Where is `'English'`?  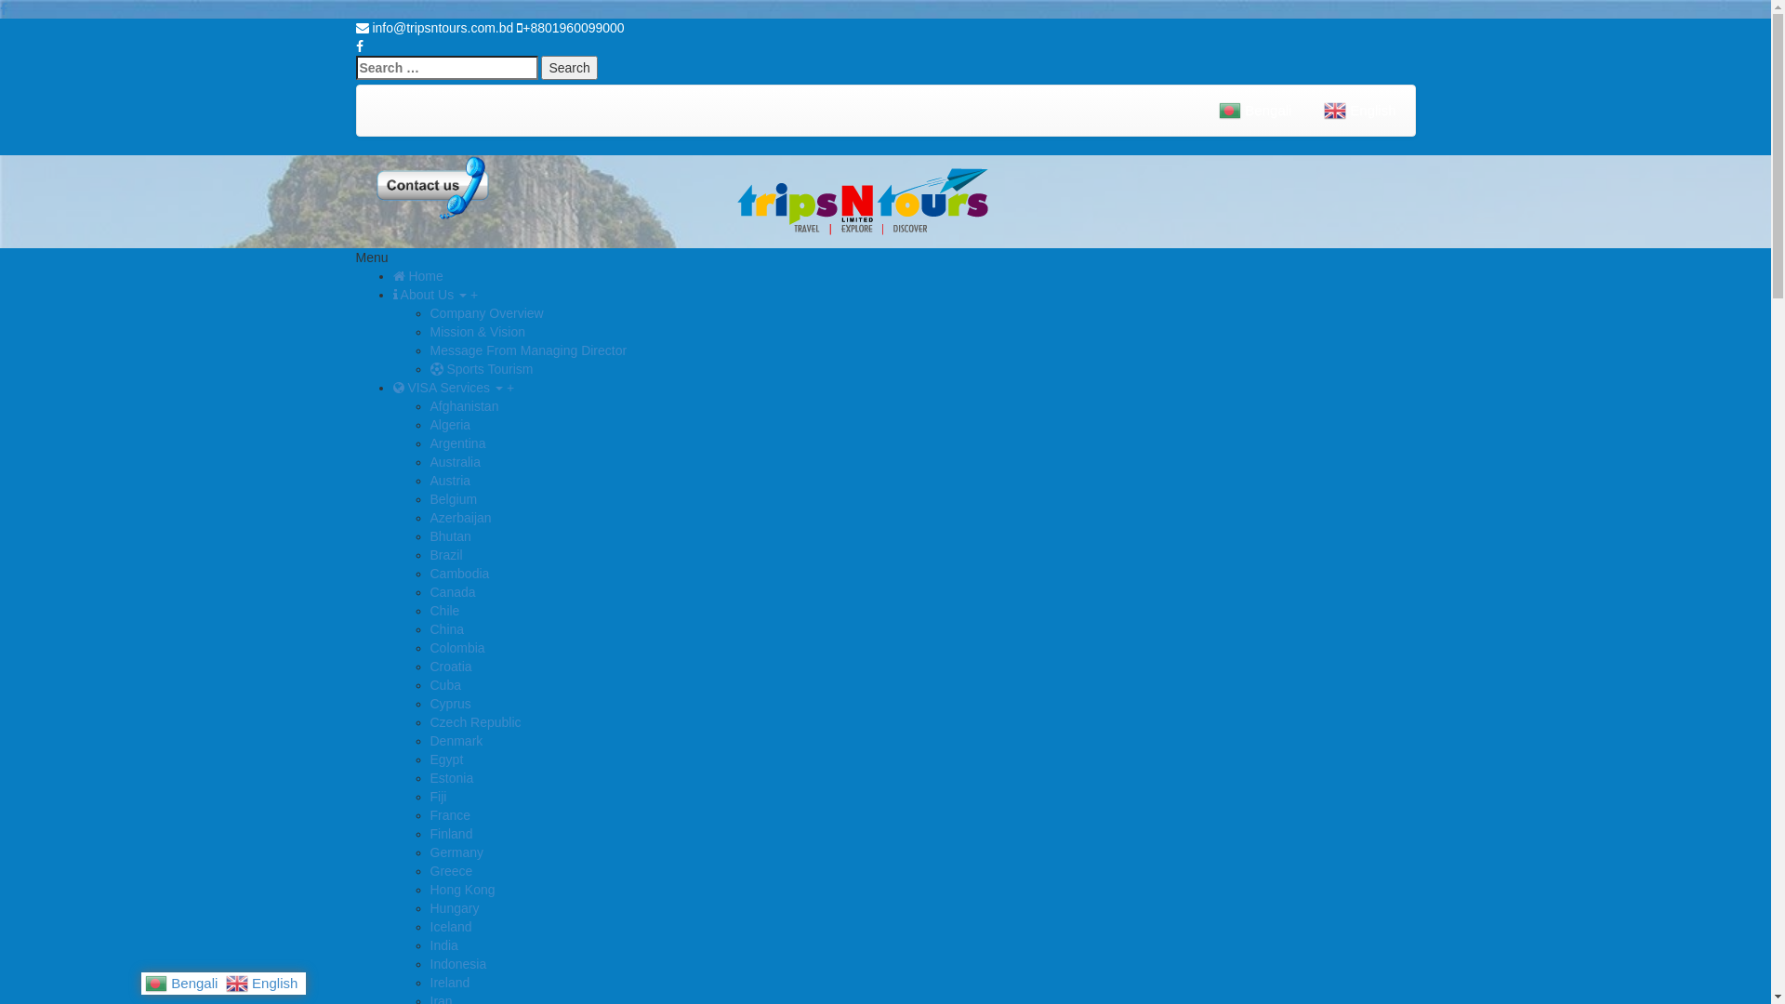
'English' is located at coordinates (262, 981).